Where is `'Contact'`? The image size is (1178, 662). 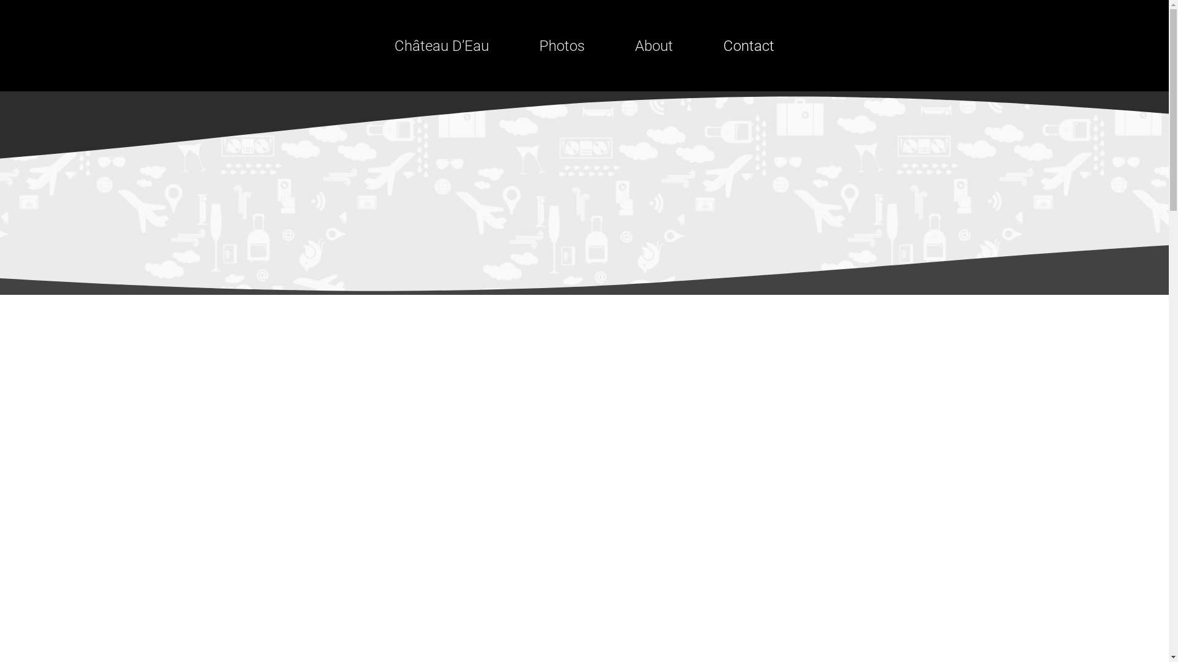
'Contact' is located at coordinates (748, 45).